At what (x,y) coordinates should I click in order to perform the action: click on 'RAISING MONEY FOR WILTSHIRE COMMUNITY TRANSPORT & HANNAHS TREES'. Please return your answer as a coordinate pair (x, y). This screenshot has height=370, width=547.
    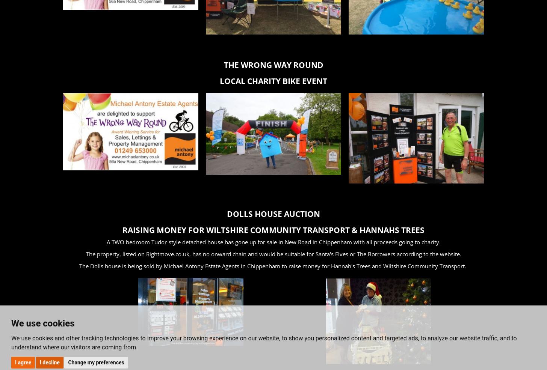
    Looking at the image, I should click on (273, 230).